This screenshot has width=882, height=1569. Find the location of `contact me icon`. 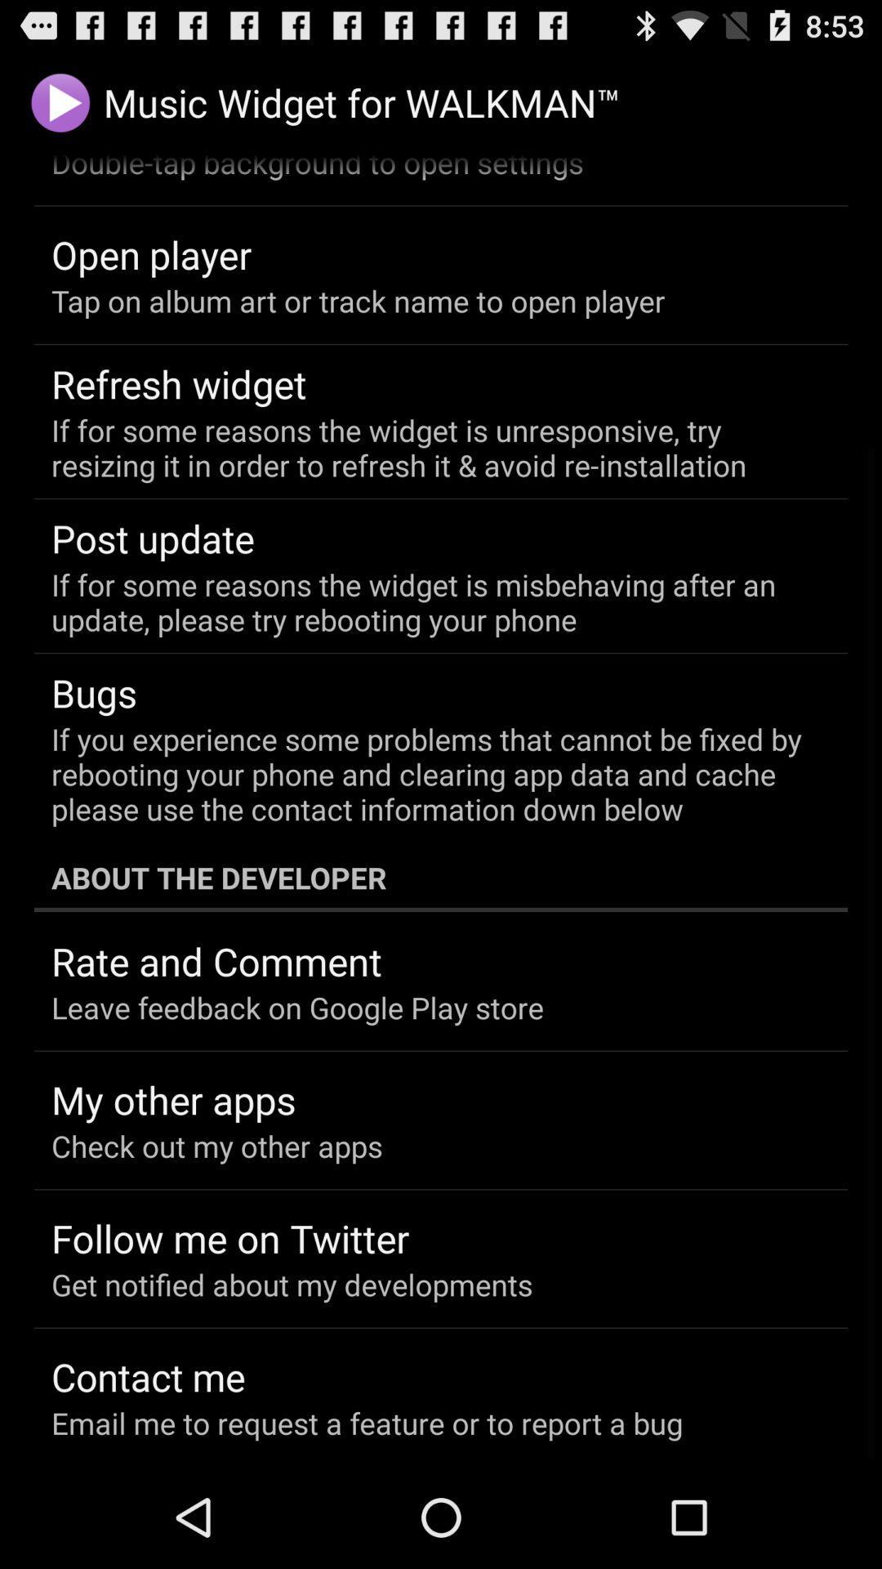

contact me icon is located at coordinates (148, 1375).